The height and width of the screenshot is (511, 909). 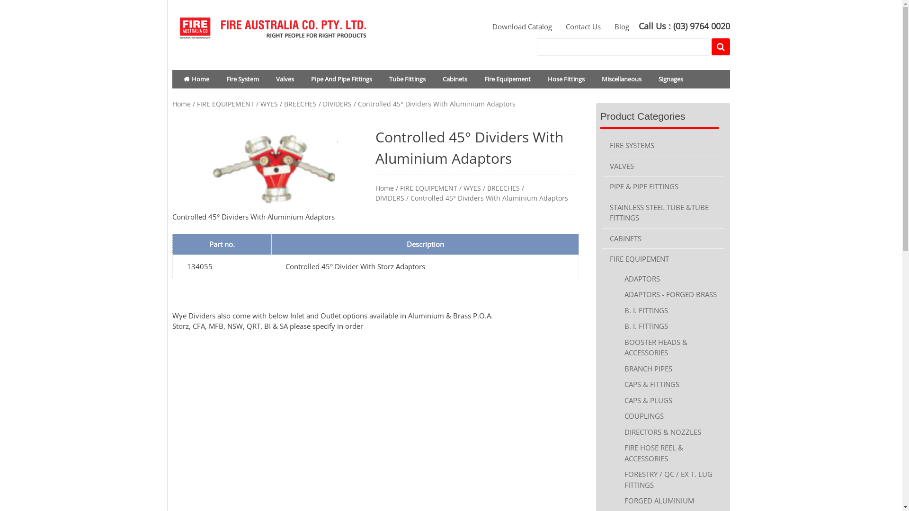 What do you see at coordinates (516, 26) in the screenshot?
I see `'Download Catalog'` at bounding box center [516, 26].